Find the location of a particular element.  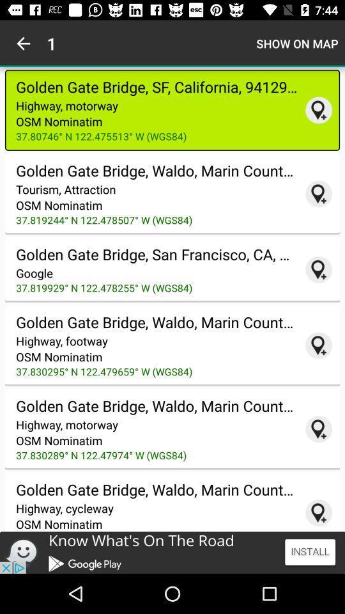

see location is located at coordinates (318, 194).